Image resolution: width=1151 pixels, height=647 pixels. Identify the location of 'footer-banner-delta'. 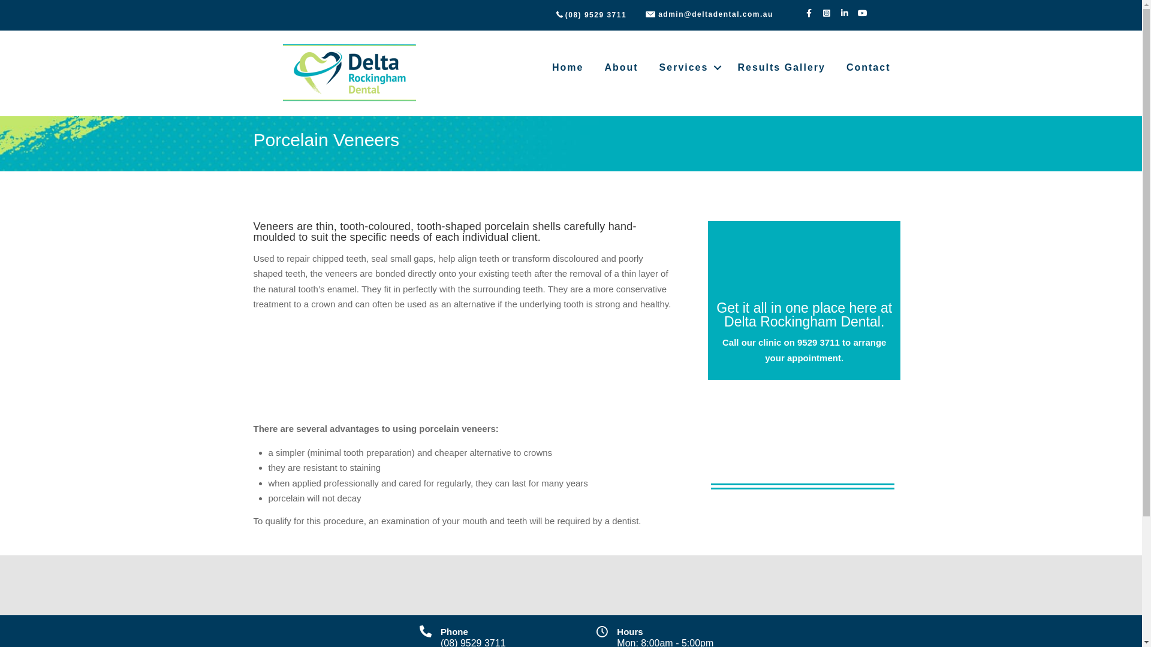
(240, 584).